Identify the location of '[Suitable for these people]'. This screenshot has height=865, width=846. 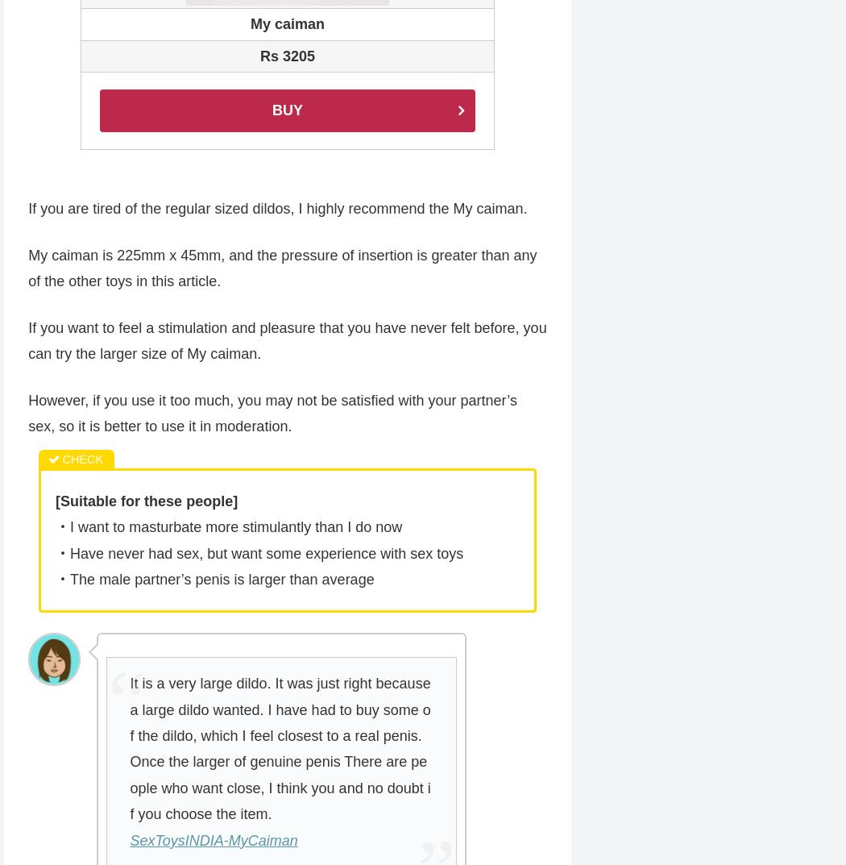
(54, 501).